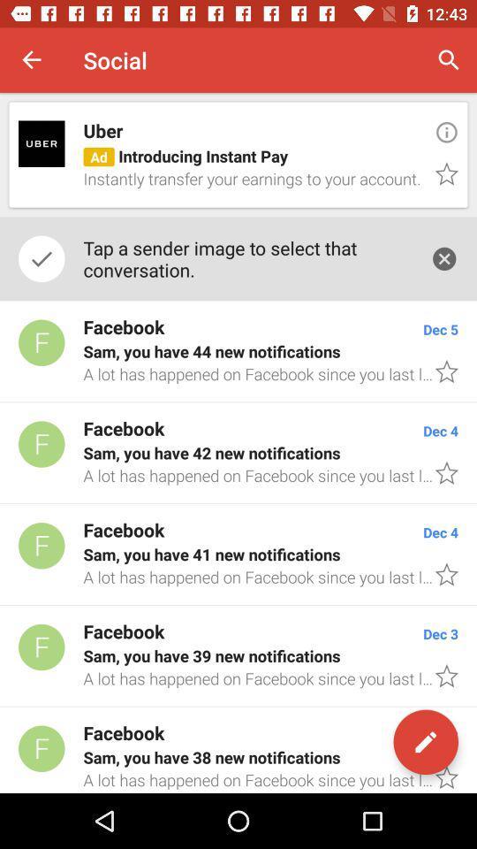 Image resolution: width=477 pixels, height=849 pixels. What do you see at coordinates (32, 60) in the screenshot?
I see `item next to the social` at bounding box center [32, 60].